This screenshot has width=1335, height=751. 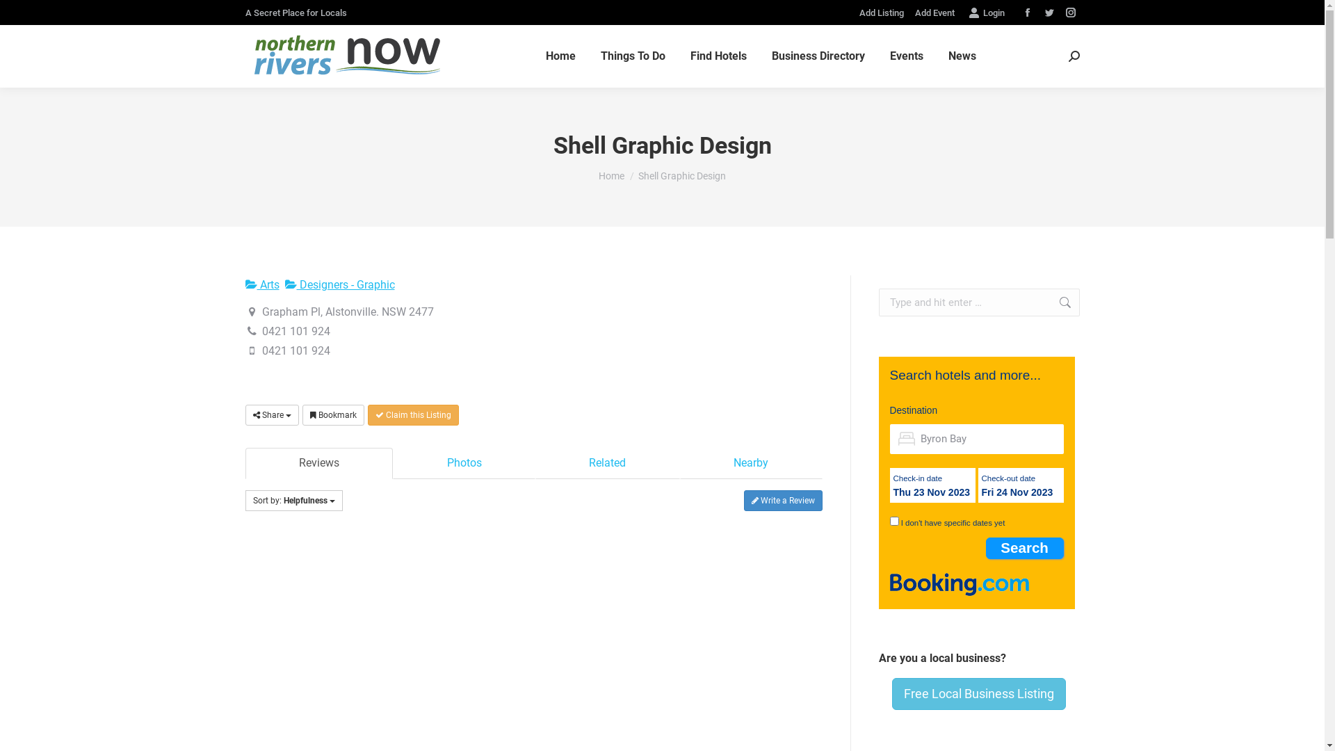 What do you see at coordinates (783, 501) in the screenshot?
I see `'Write a Review'` at bounding box center [783, 501].